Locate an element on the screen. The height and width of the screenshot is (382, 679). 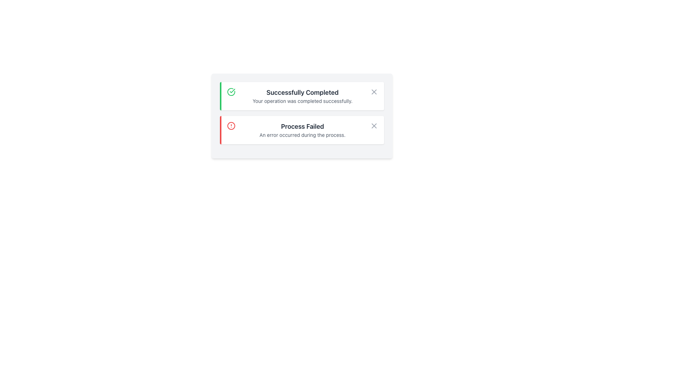
the checkmark symbol located at the left side of the 'Successfully Completed' notification panel to visually indicate a successful action is located at coordinates (232, 91).